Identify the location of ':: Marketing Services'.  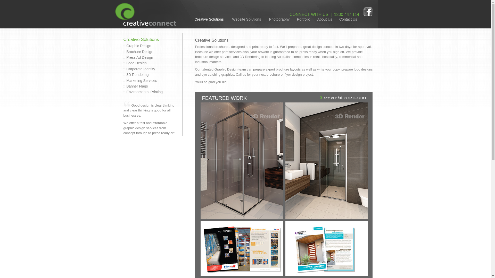
(140, 80).